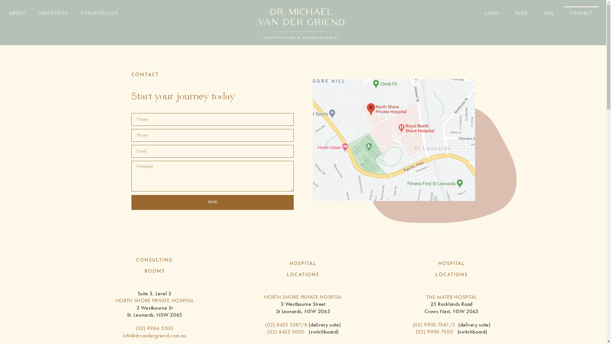 Image resolution: width=611 pixels, height=344 pixels. What do you see at coordinates (298, 325) in the screenshot?
I see `'3287/8'` at bounding box center [298, 325].